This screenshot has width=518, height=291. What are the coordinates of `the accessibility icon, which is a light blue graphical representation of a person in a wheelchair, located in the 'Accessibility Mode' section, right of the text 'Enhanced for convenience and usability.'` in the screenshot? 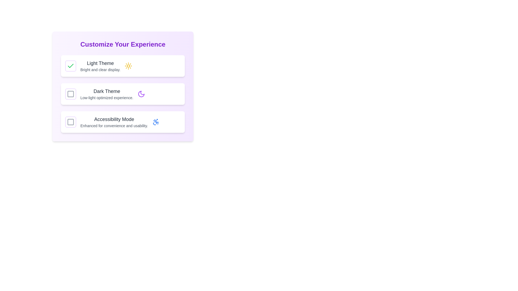 It's located at (156, 122).